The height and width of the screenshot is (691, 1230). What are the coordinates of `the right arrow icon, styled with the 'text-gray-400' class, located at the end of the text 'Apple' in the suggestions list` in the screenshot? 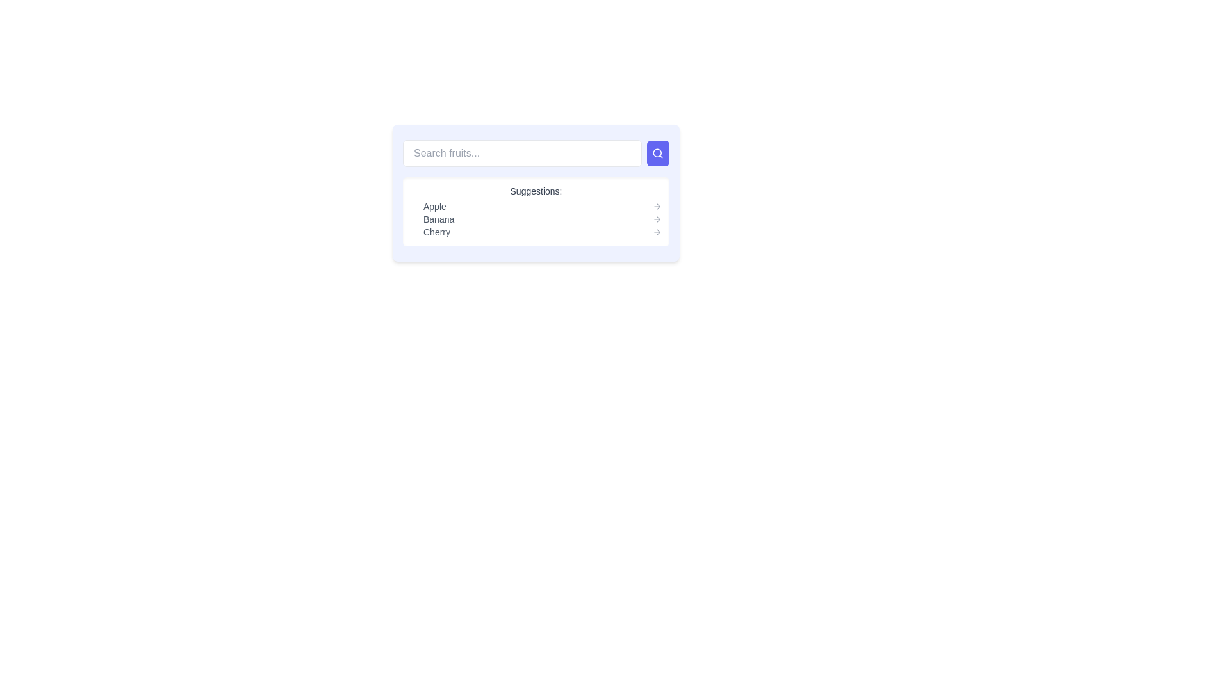 It's located at (657, 206).